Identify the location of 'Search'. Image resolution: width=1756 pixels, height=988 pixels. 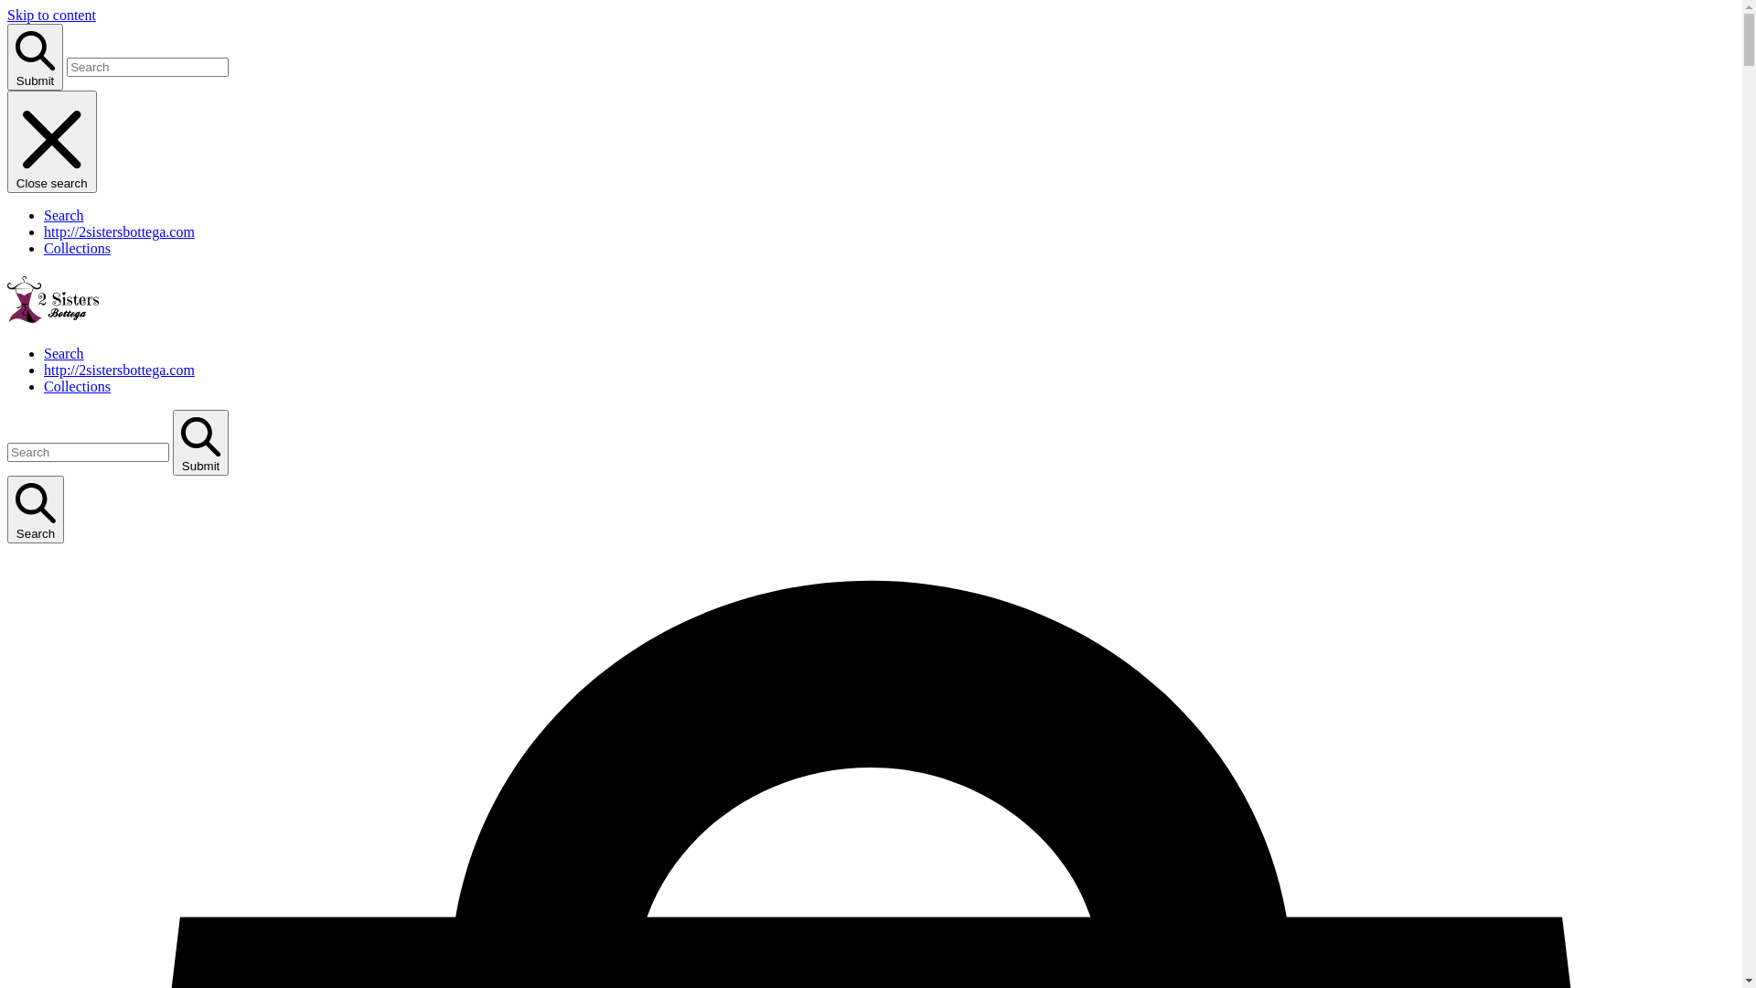
(64, 214).